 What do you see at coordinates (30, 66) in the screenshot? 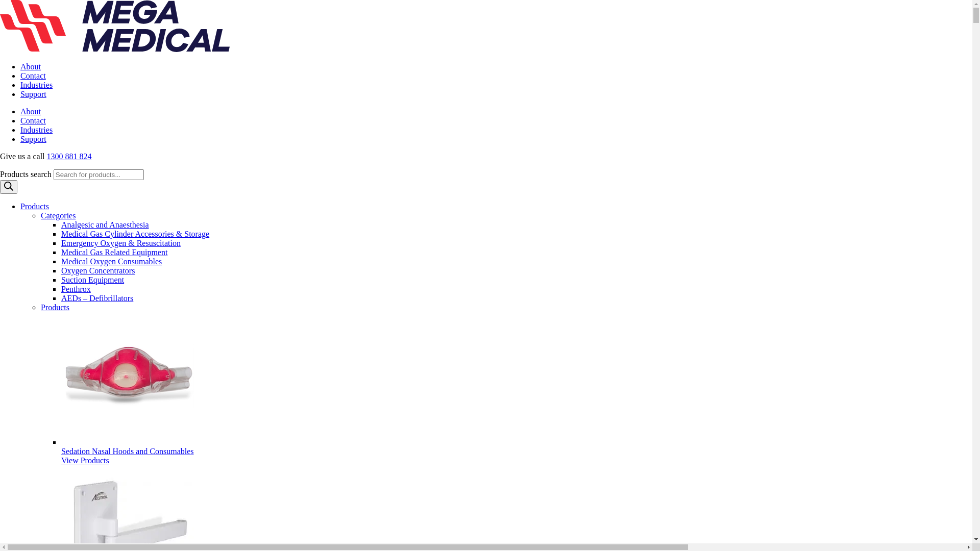
I see `'About'` at bounding box center [30, 66].